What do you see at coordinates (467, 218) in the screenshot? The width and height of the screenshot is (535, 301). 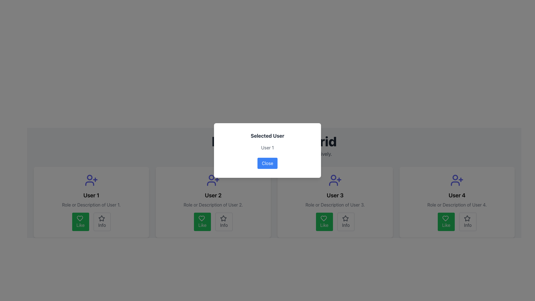 I see `the icon button located within the card for 'User 4', positioned to the right of the green 'Like' button and below the user's name and description` at bounding box center [467, 218].